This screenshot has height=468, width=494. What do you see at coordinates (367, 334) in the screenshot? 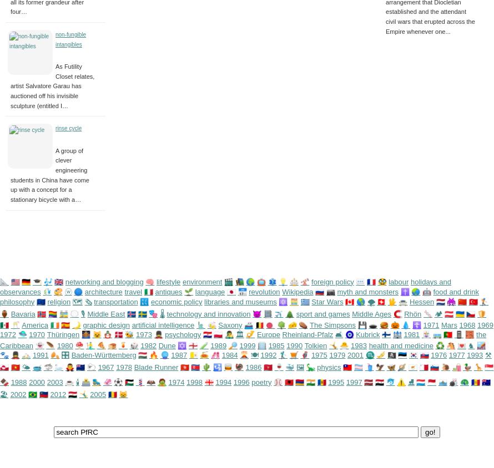
I see `'Kubrick'` at bounding box center [367, 334].